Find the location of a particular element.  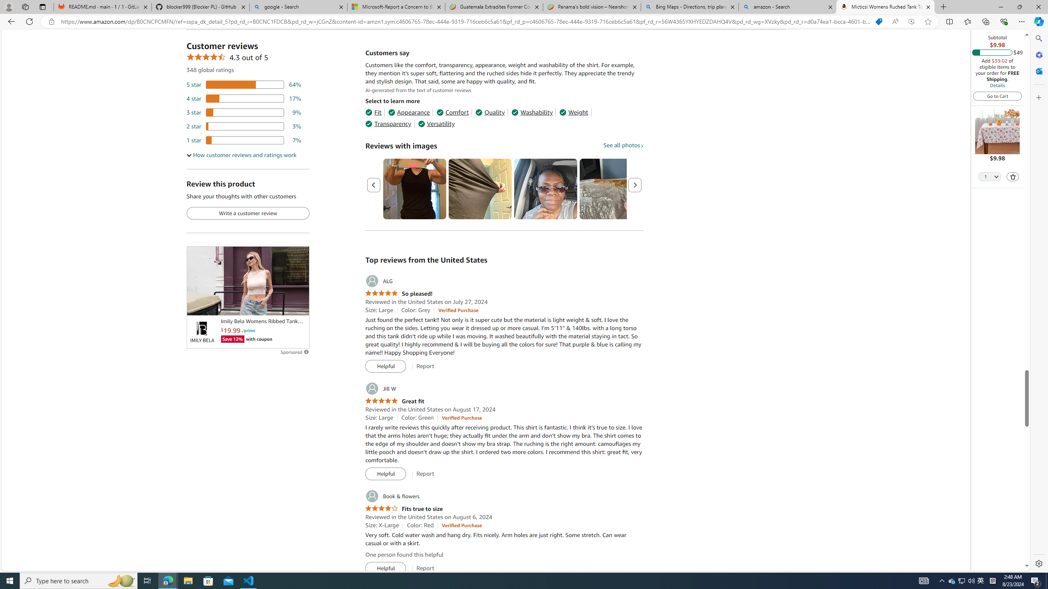

'5.0 out of 5 stars Great fit' is located at coordinates (394, 401).